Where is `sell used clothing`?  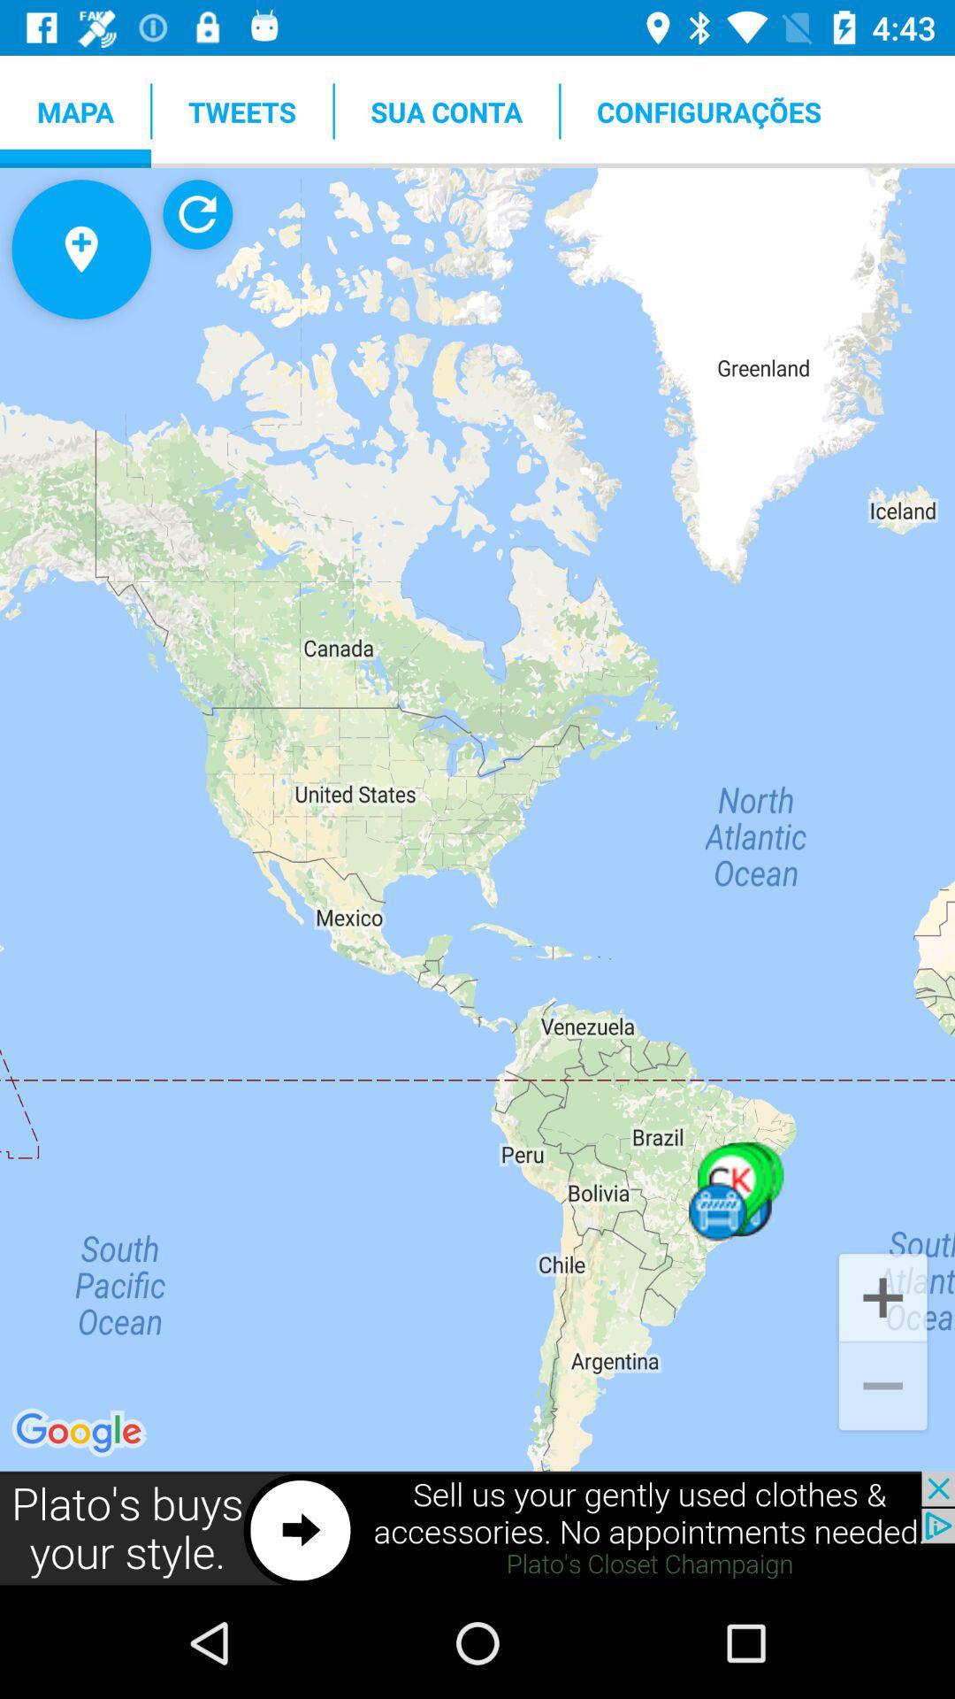 sell used clothing is located at coordinates (477, 1528).